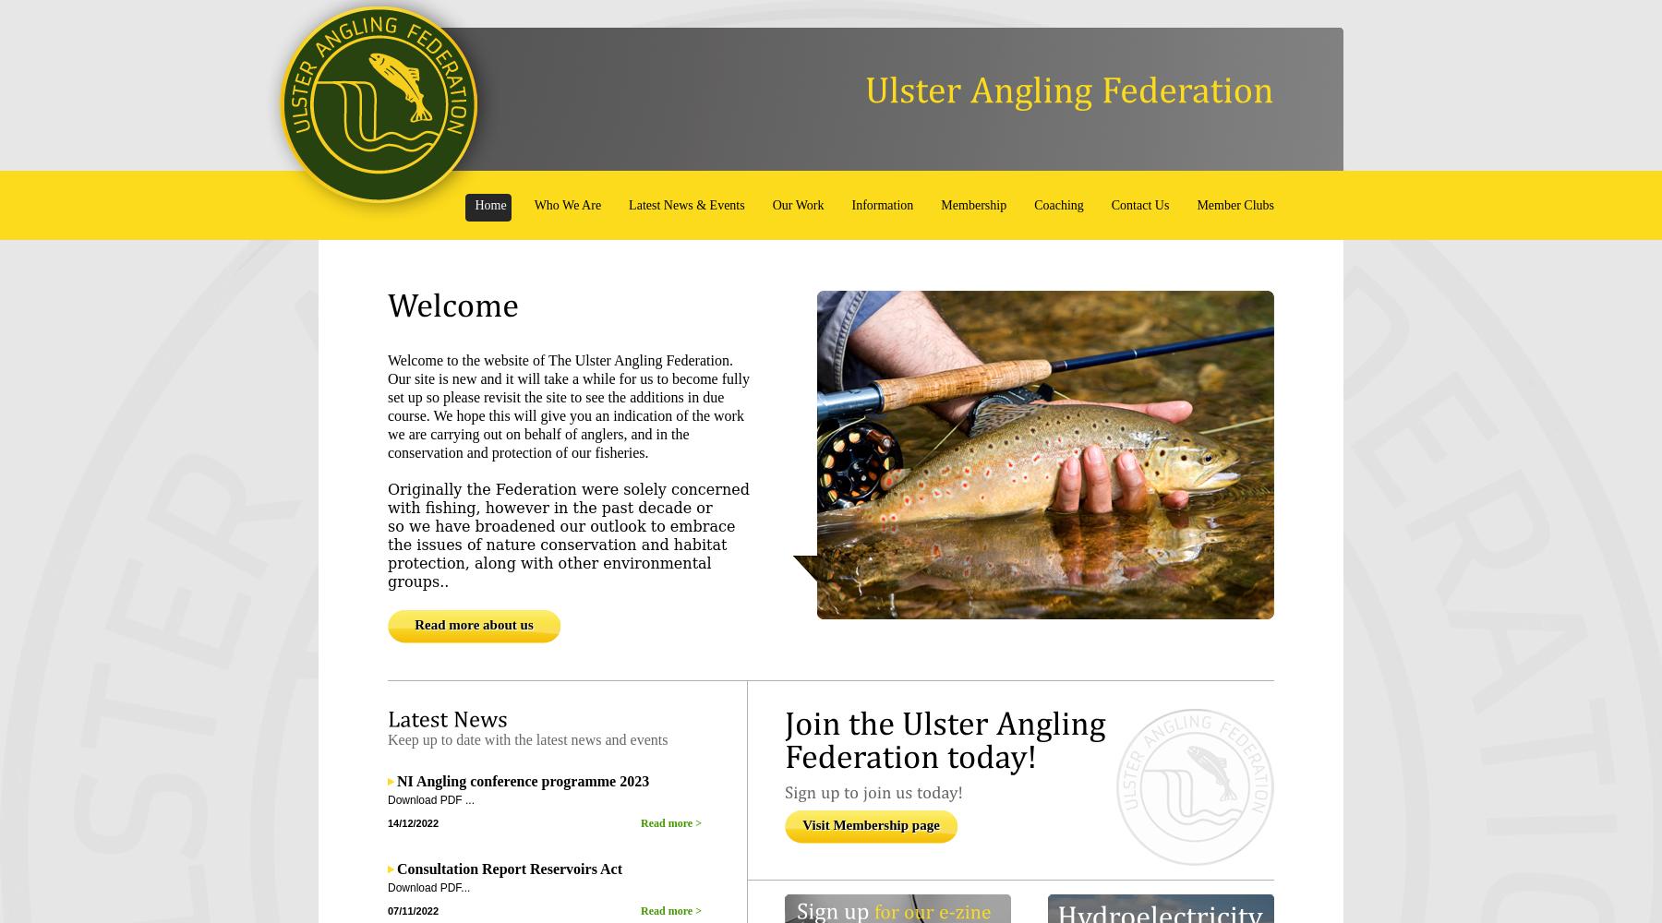  Describe the element at coordinates (527, 739) in the screenshot. I see `'Keep up to date with the latest news and events'` at that location.